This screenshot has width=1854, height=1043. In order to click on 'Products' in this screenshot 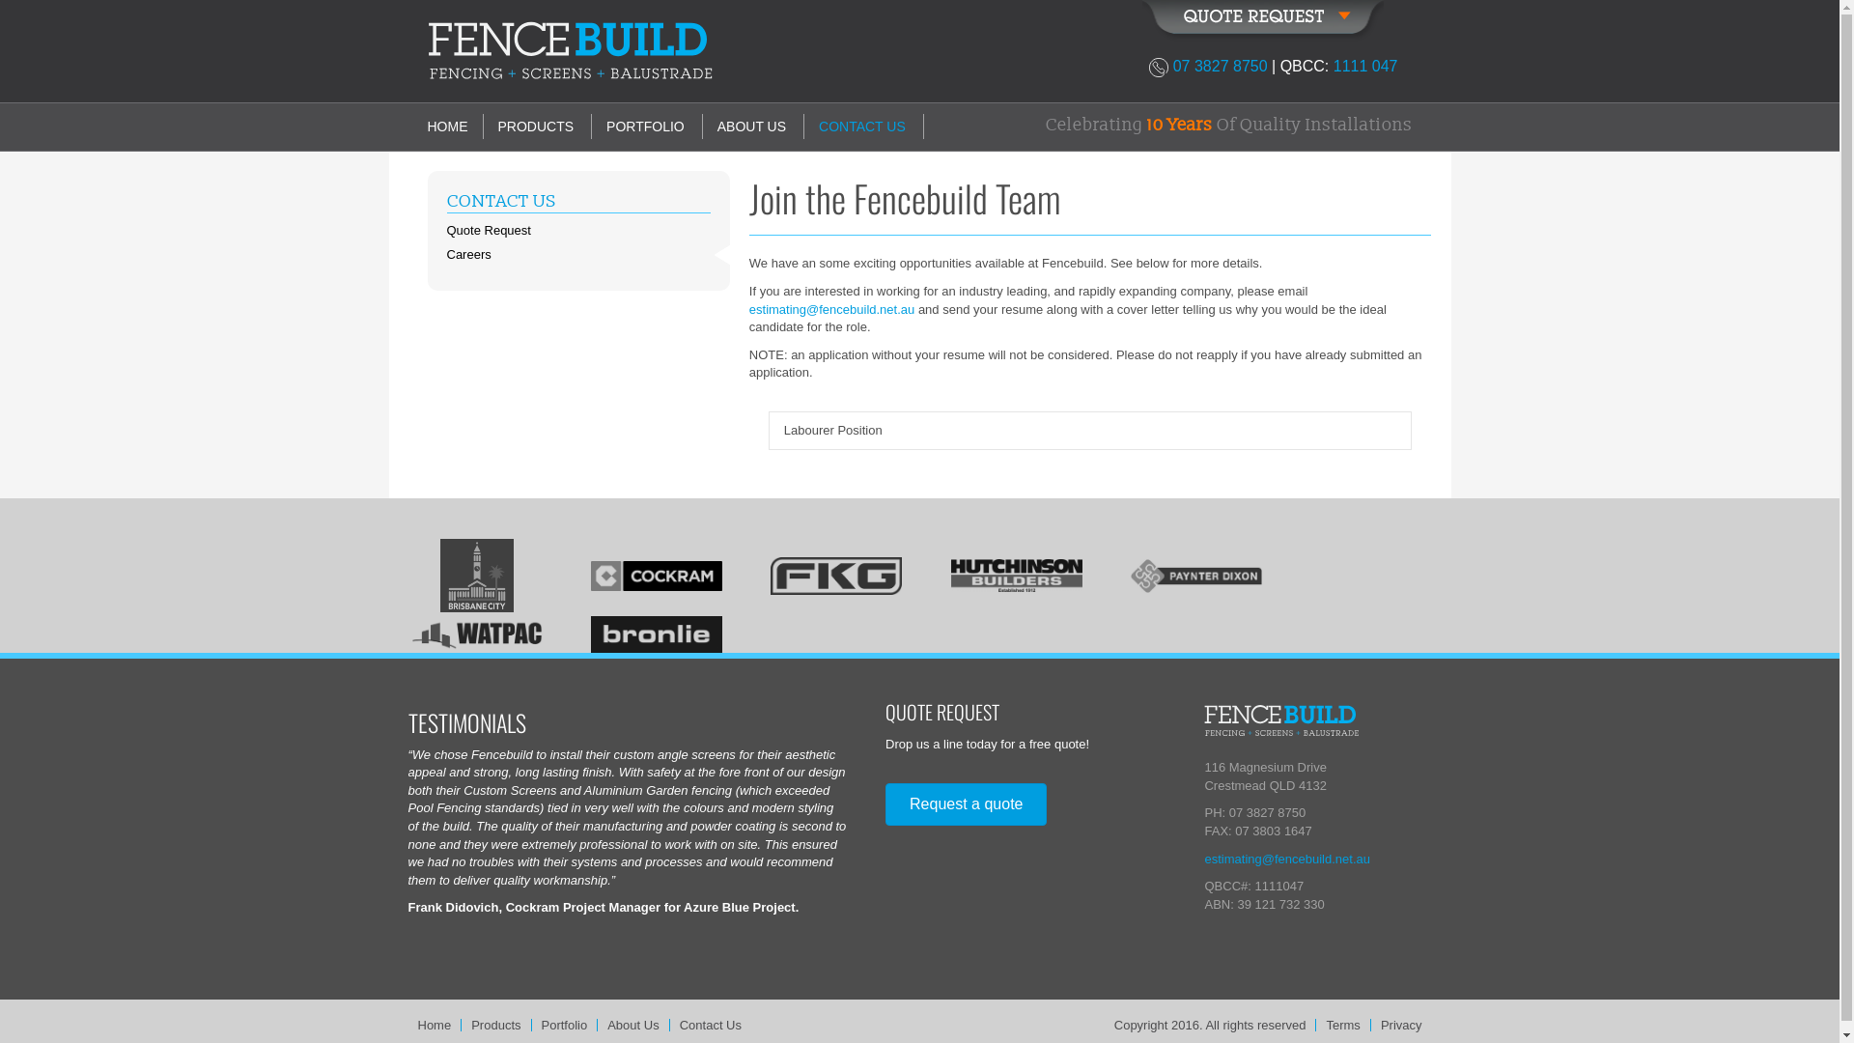, I will do `click(495, 1024)`.